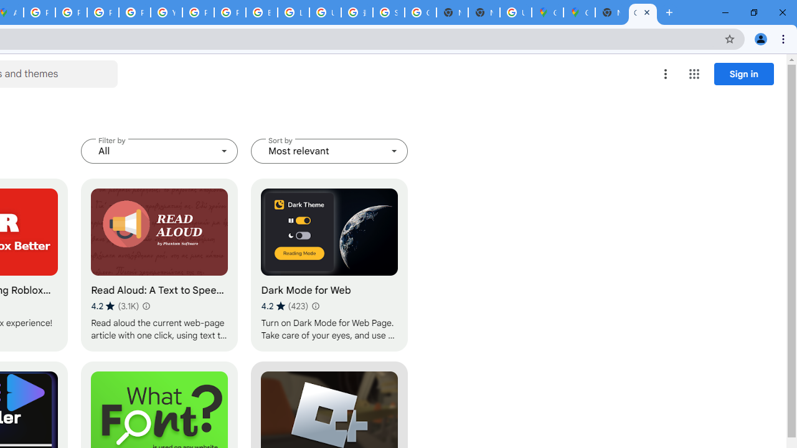  What do you see at coordinates (40, 12) in the screenshot?
I see `'Policy Accountability and Transparency - Transparency Center'` at bounding box center [40, 12].